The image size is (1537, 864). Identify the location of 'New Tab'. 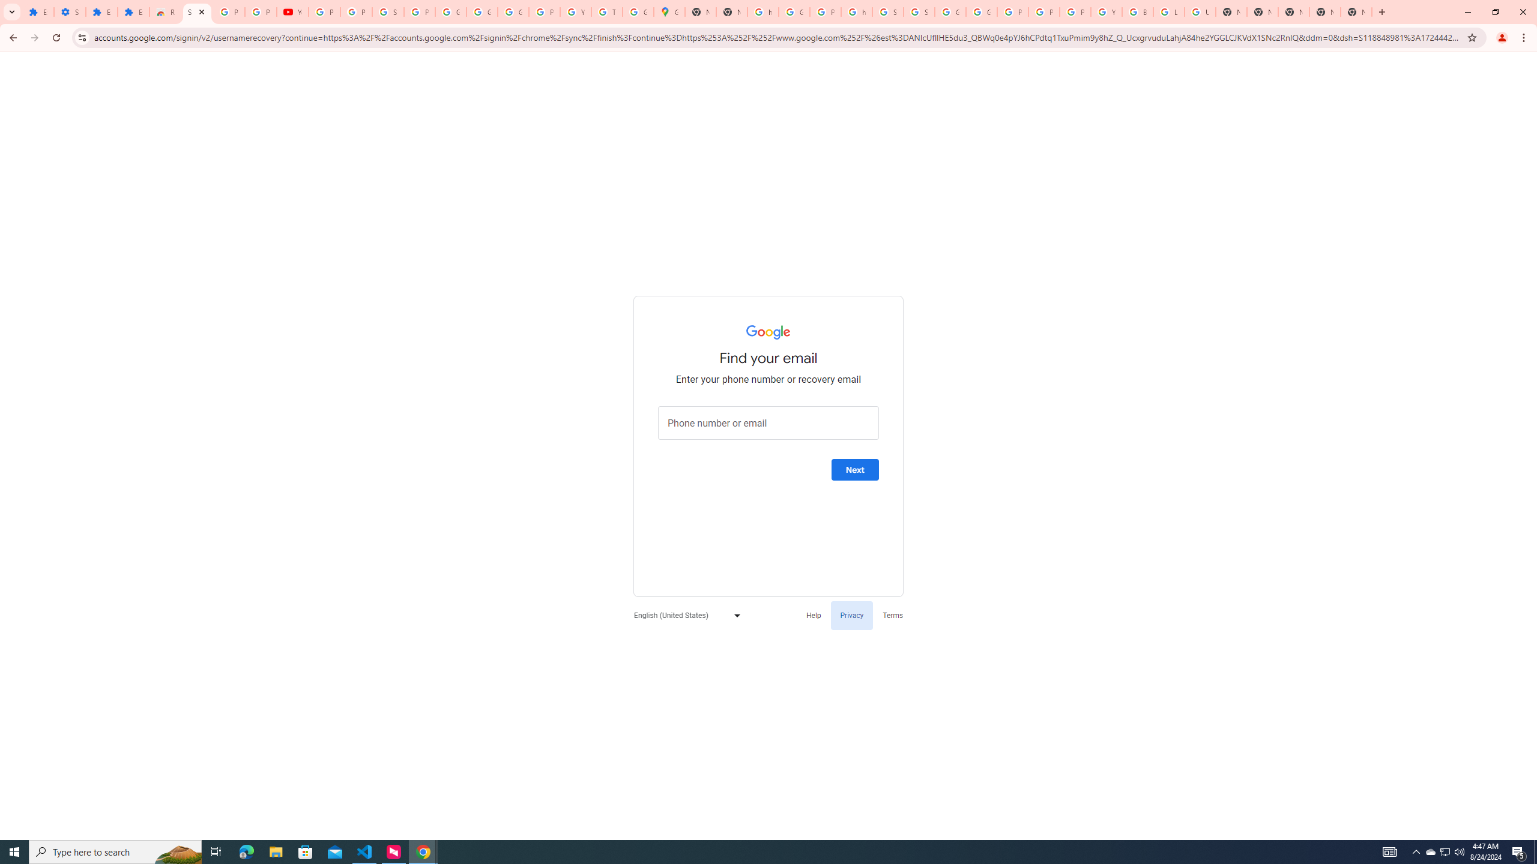
(1293, 11).